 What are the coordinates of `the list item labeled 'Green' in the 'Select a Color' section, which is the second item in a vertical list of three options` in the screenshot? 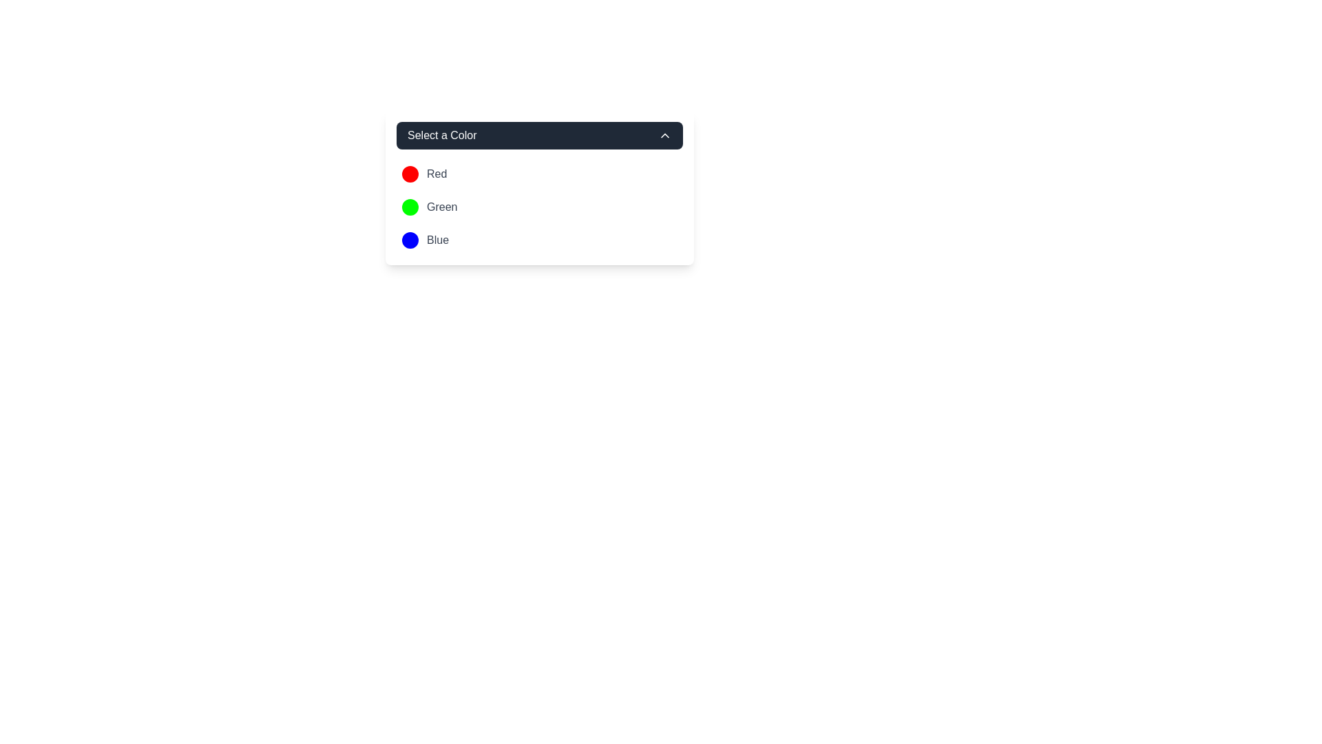 It's located at (538, 207).